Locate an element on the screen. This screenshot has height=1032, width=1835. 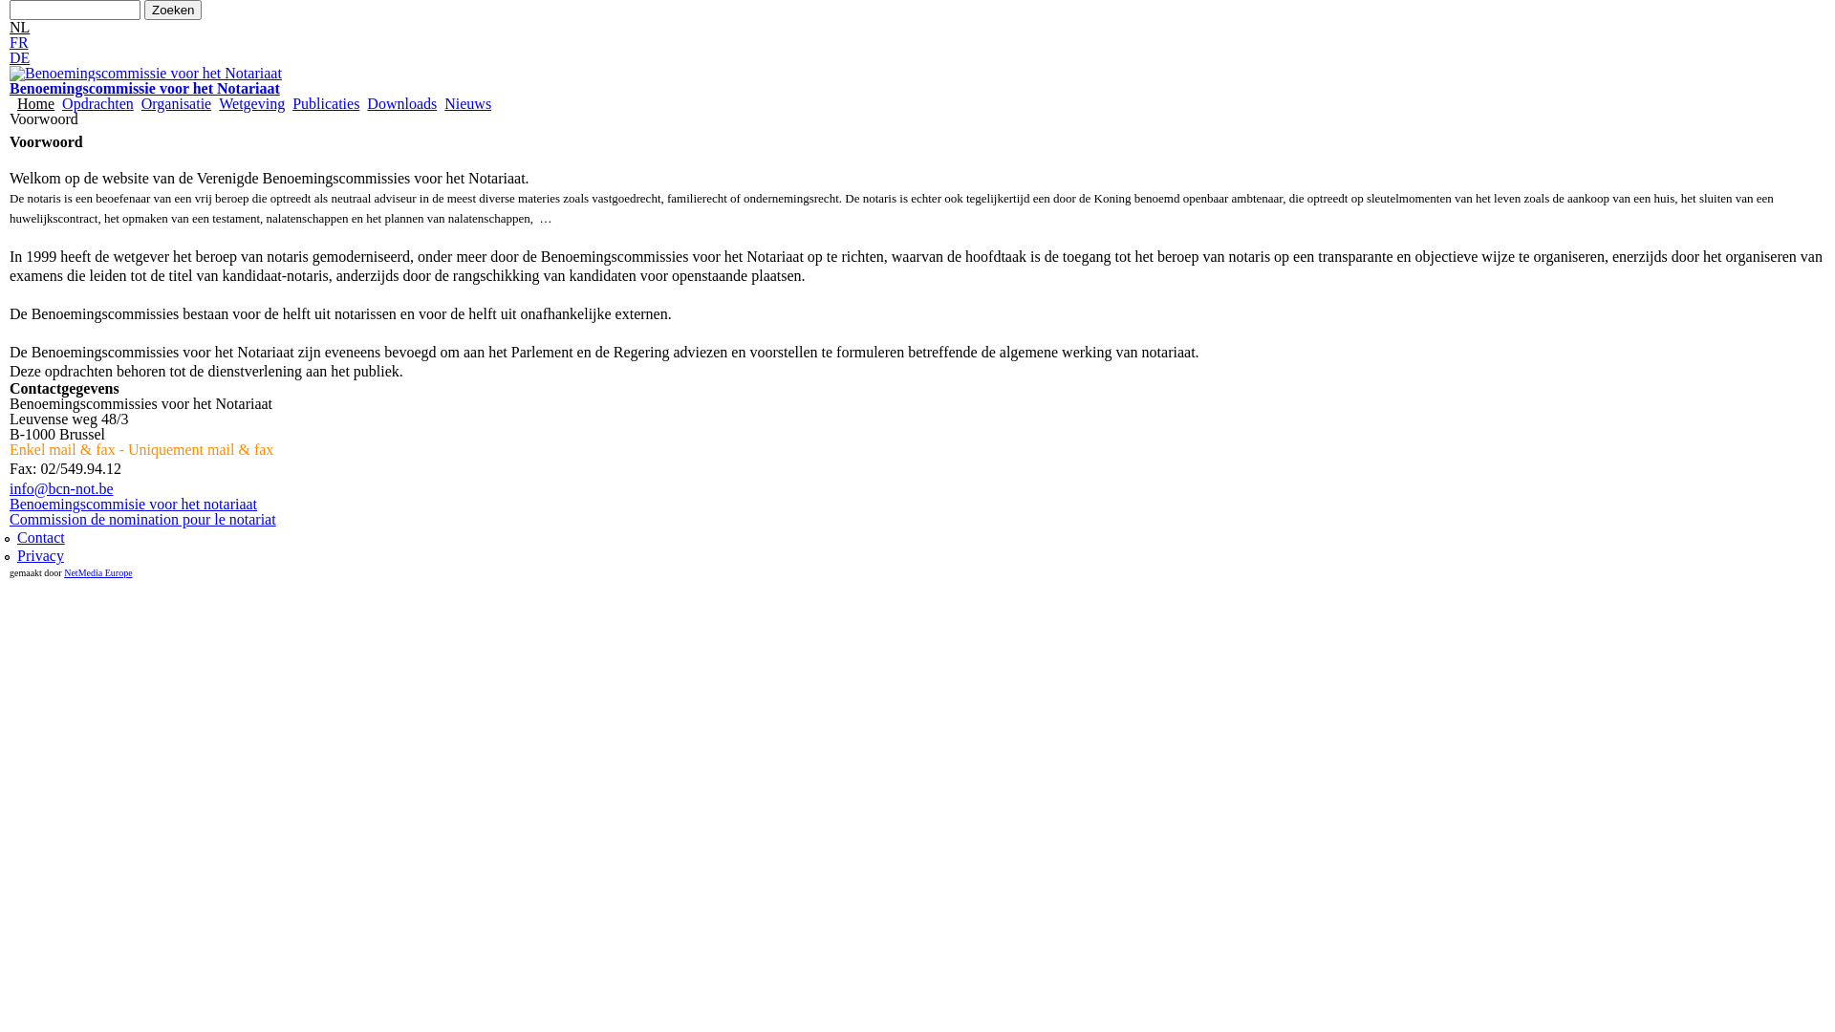
'Organisatie' is located at coordinates (176, 103).